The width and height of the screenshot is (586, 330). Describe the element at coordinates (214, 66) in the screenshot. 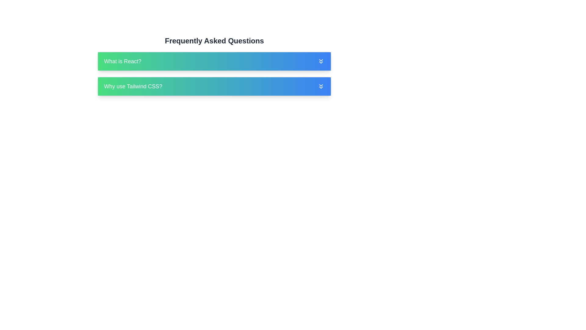

I see `the first interactive list item in the FAQ section` at that location.